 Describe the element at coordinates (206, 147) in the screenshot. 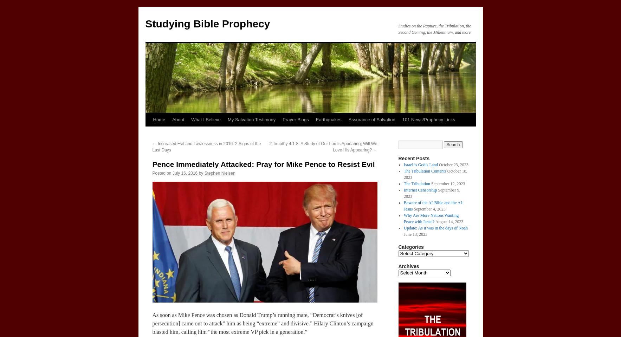

I see `'Increased Evil and Lawlessness in 2016: 2 Signs of the Last Days'` at that location.